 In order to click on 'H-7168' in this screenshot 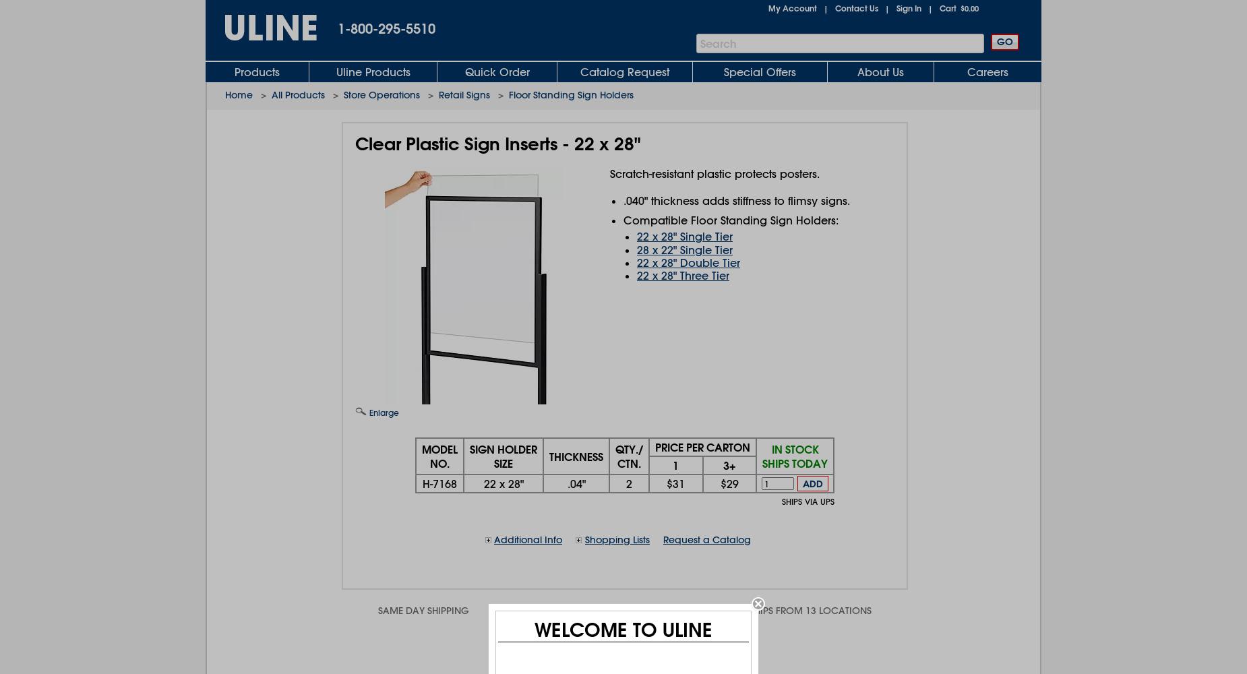, I will do `click(439, 483)`.